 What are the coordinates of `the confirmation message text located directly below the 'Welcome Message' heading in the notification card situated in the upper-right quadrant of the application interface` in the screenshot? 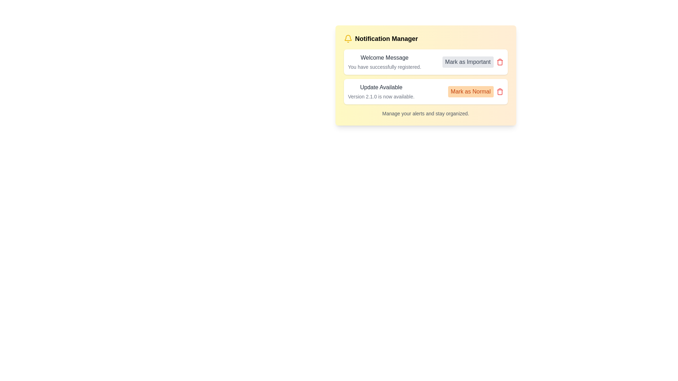 It's located at (384, 67).